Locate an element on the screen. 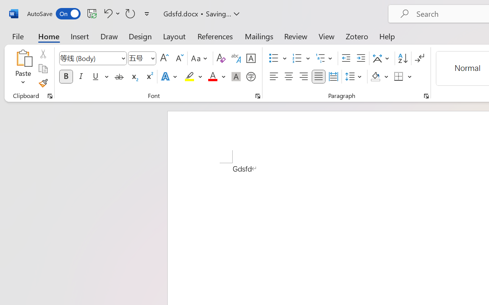 This screenshot has width=489, height=305. 'Enclose Characters...' is located at coordinates (251, 77).